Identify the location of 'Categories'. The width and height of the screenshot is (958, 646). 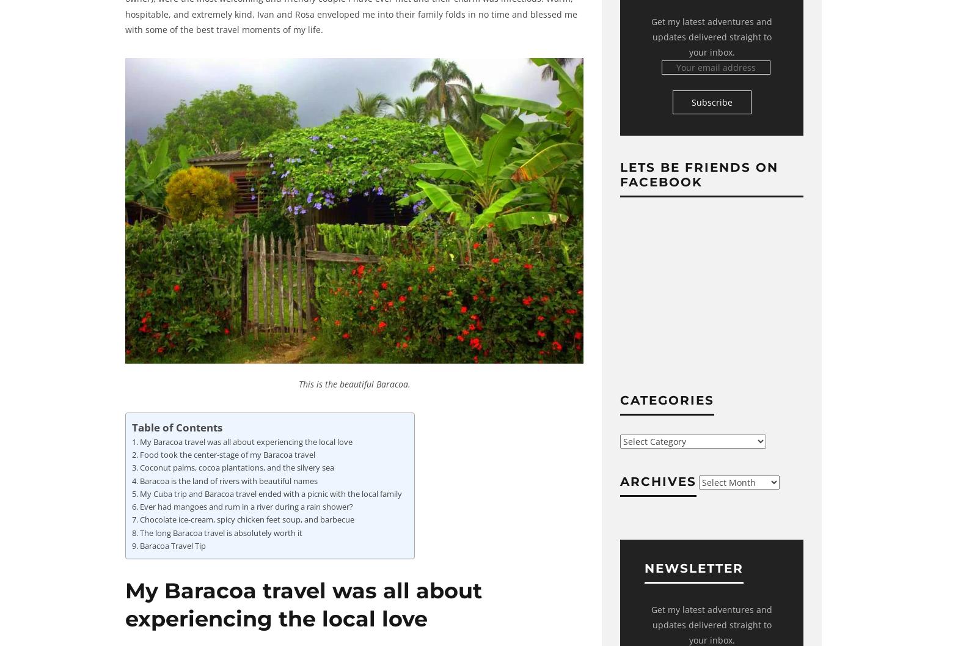
(619, 400).